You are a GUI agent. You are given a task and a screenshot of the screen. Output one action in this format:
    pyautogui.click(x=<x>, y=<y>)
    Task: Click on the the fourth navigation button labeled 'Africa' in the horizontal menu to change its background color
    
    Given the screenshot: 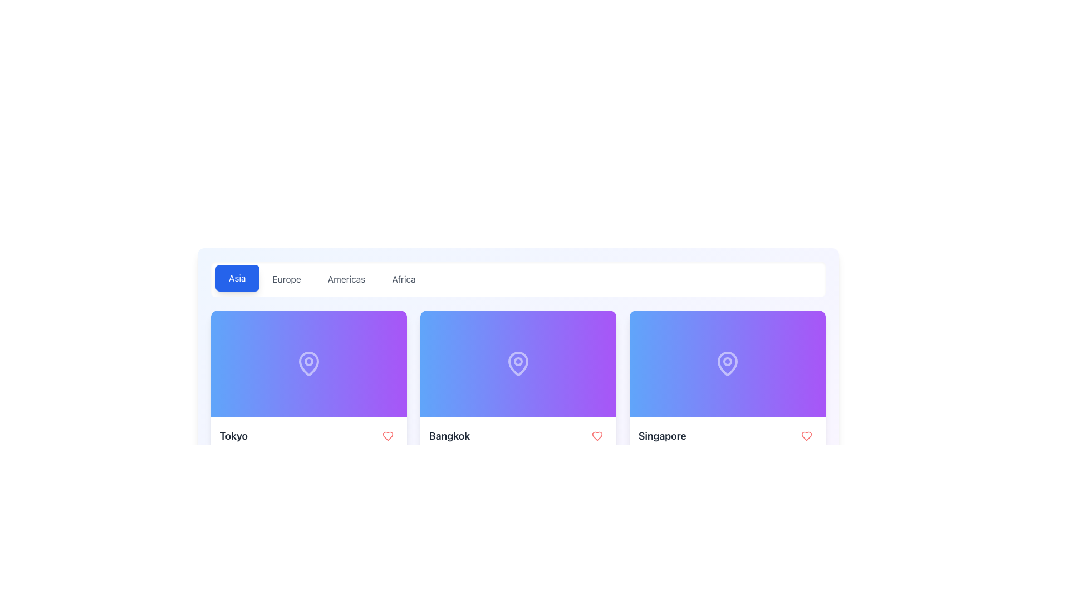 What is the action you would take?
    pyautogui.click(x=403, y=278)
    